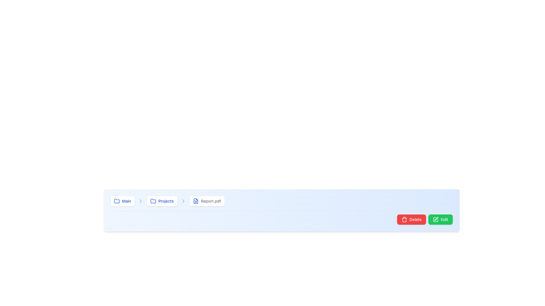 The image size is (545, 306). Describe the element at coordinates (122, 201) in the screenshot. I see `the first button in the breadcrumb navigation bar` at that location.